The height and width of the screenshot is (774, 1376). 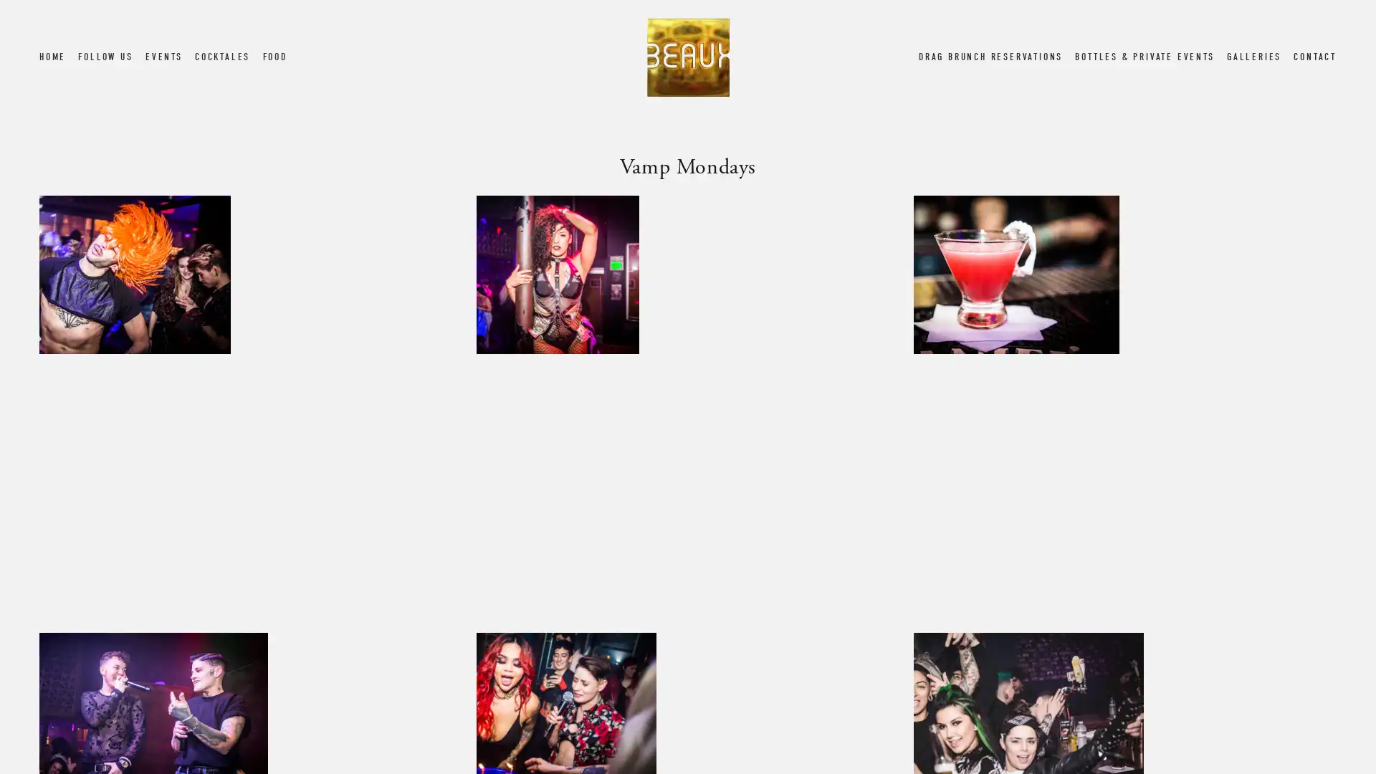 I want to click on View fullsize Screen Shot 2019-04-10 at 5.02.50 PM.png, so click(x=250, y=406).